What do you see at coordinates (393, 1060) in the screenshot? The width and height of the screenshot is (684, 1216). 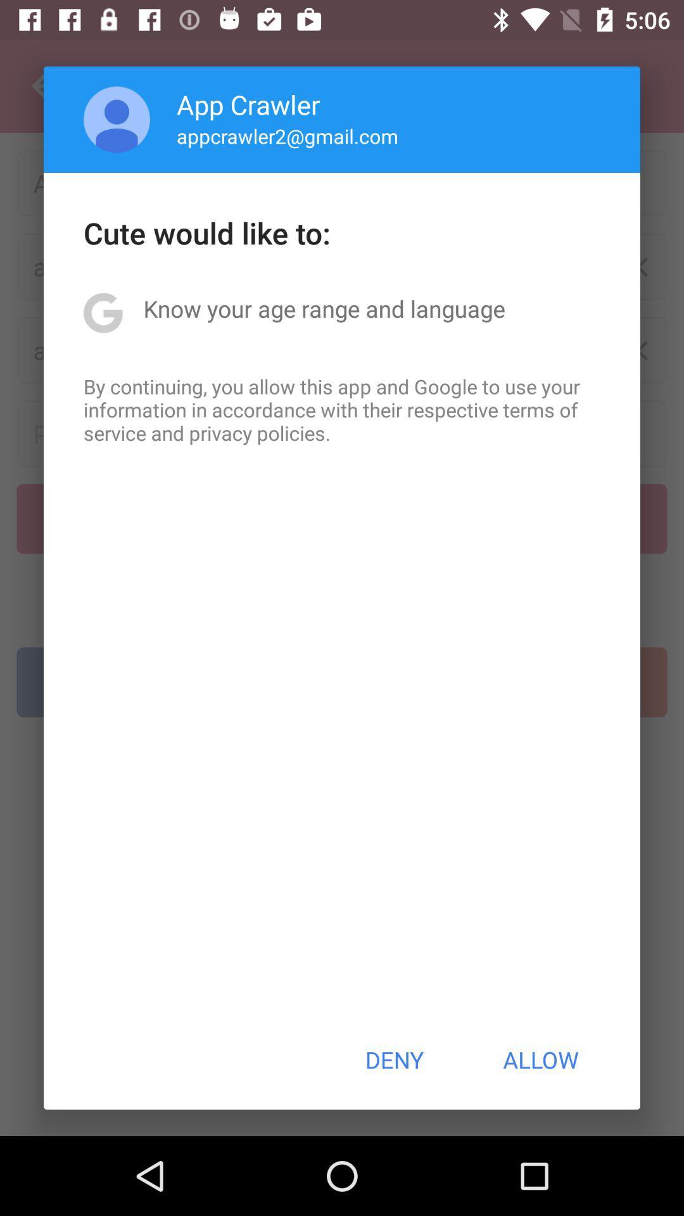 I see `the icon below by continuing you app` at bounding box center [393, 1060].